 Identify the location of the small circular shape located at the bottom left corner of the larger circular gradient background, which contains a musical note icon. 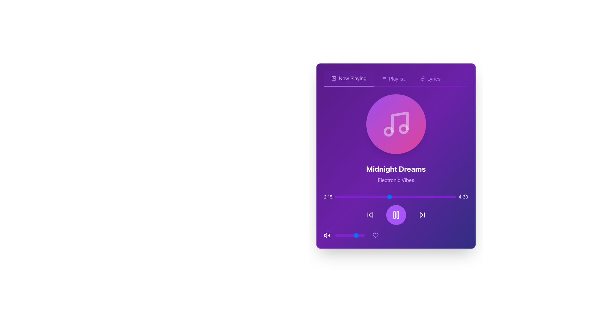
(388, 131).